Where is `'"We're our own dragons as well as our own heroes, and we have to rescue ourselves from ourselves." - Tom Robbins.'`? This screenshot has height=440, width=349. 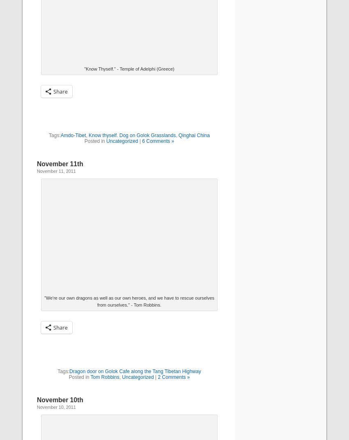
'"We're our own dragons as well as our own heroes, and we have to rescue ourselves from ourselves." - Tom Robbins.' is located at coordinates (44, 301).